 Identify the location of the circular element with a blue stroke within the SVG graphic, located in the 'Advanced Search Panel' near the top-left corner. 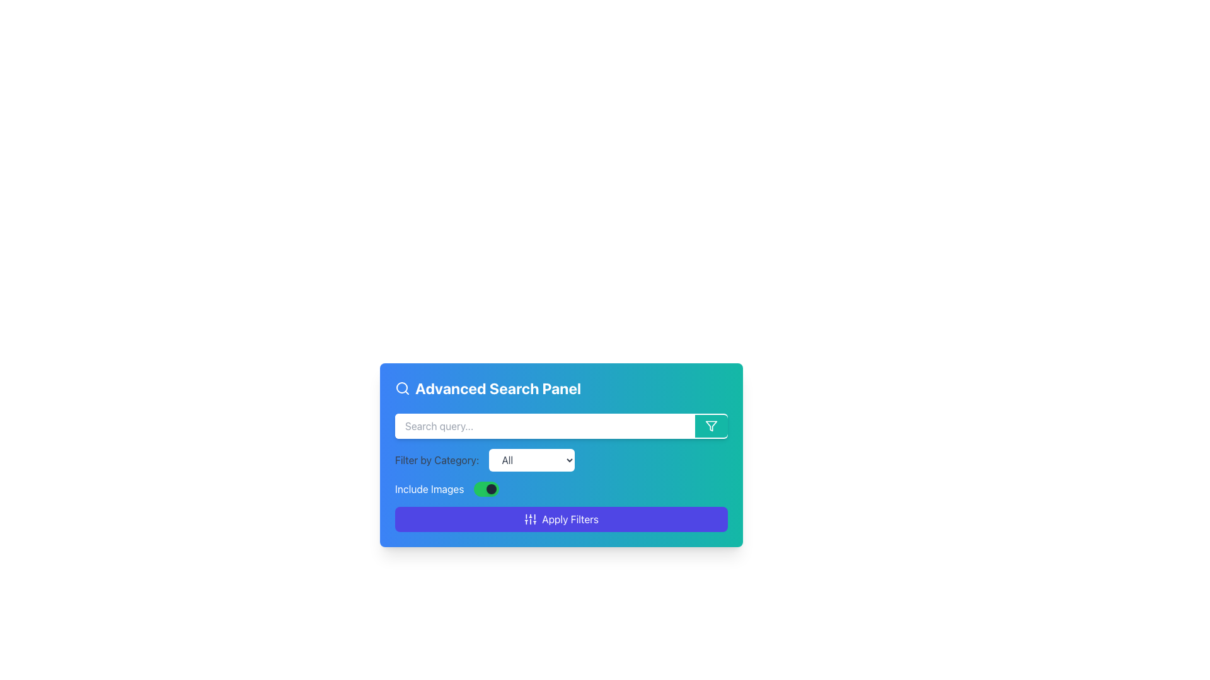
(401, 387).